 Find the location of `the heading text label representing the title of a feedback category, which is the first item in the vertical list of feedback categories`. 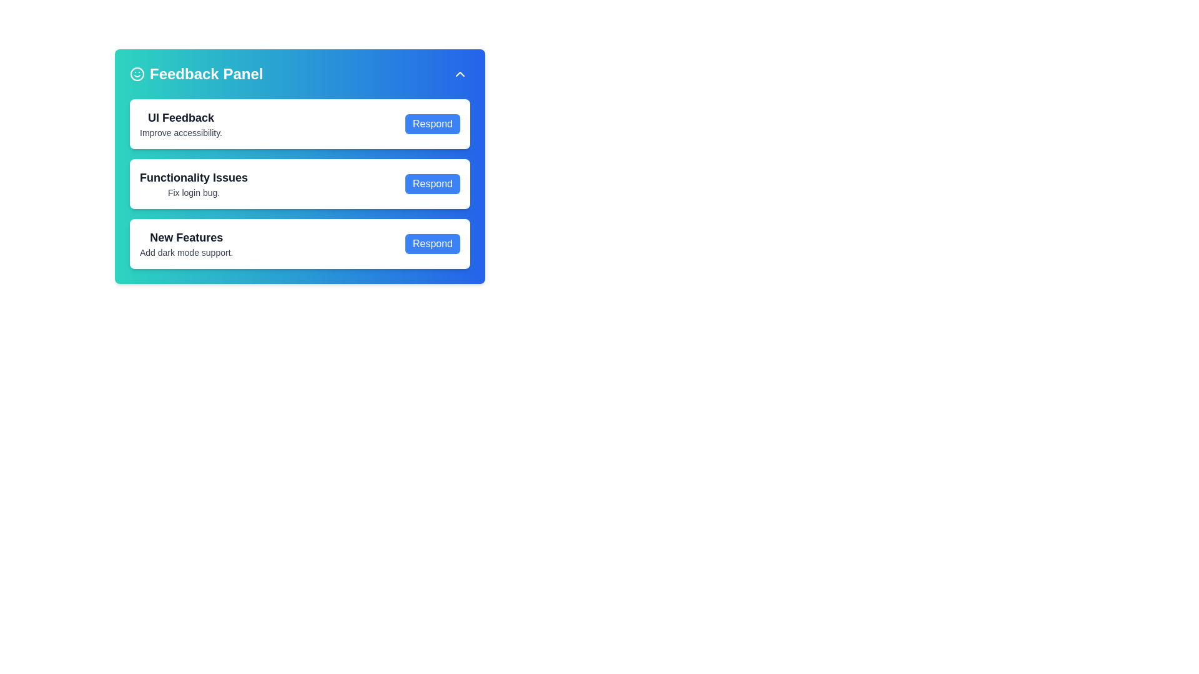

the heading text label representing the title of a feedback category, which is the first item in the vertical list of feedback categories is located at coordinates (180, 118).